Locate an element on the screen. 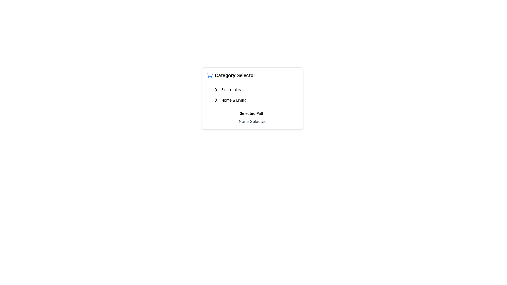  the rightward-pointing chevron icon next to the text 'Electronics' is located at coordinates (216, 89).